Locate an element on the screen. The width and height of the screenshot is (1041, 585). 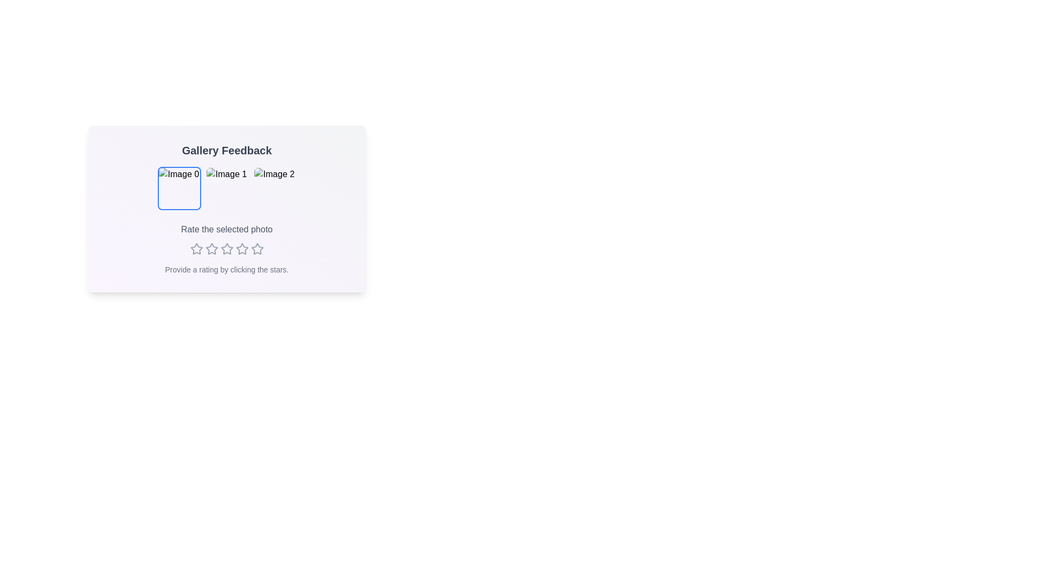
the fifth rating star icon below the text 'Rate the selected photo' is located at coordinates (256, 249).